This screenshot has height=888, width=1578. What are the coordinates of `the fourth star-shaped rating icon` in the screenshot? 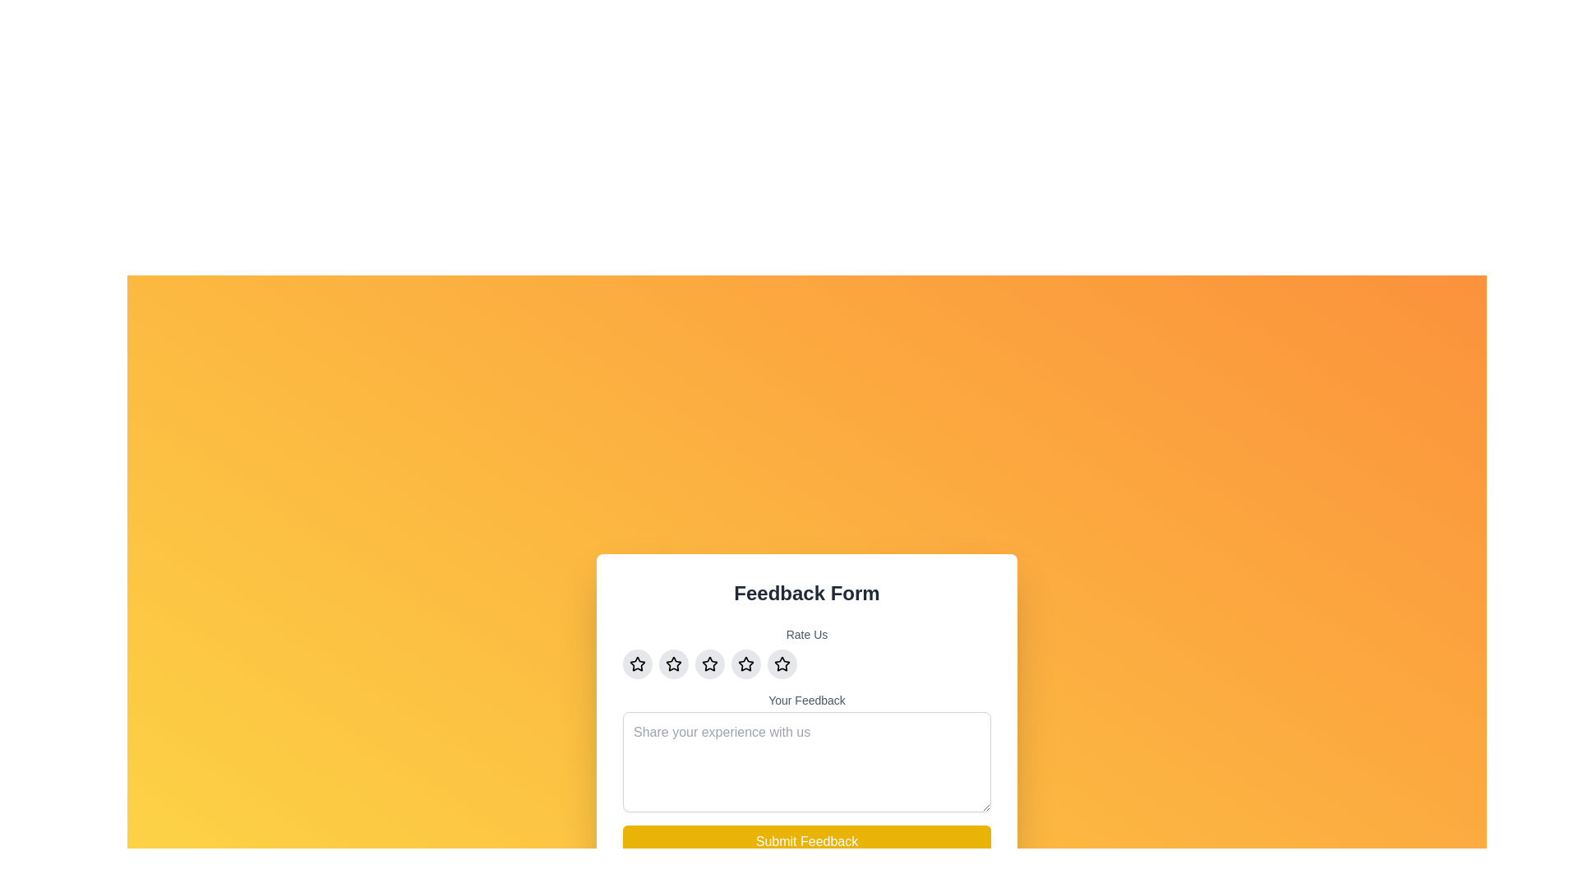 It's located at (745, 663).